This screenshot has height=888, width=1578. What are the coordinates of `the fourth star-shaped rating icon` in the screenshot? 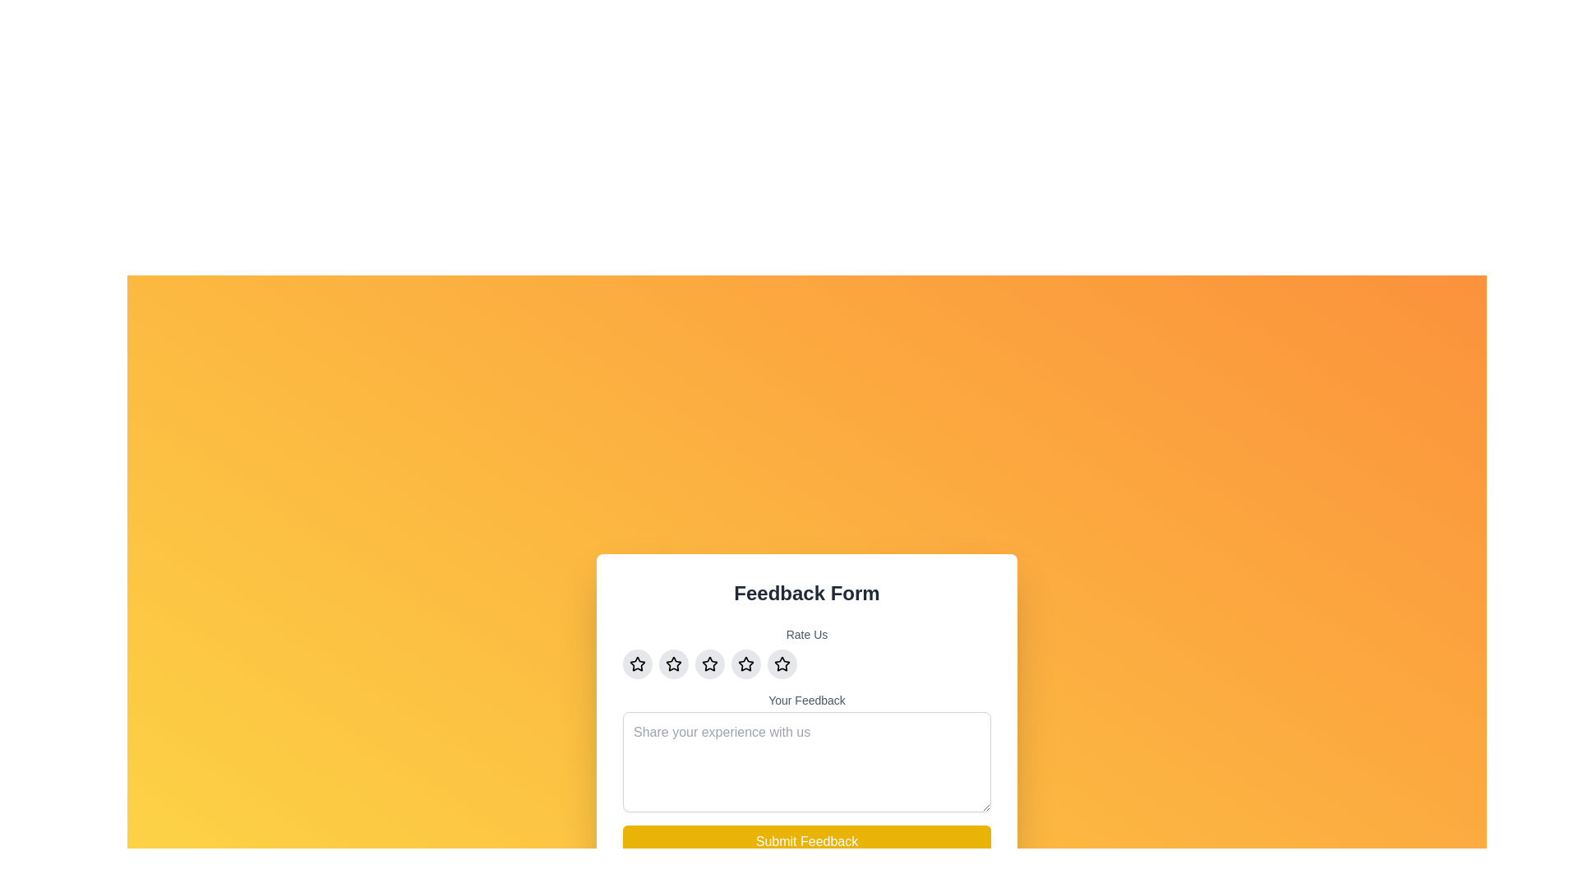 It's located at (745, 663).